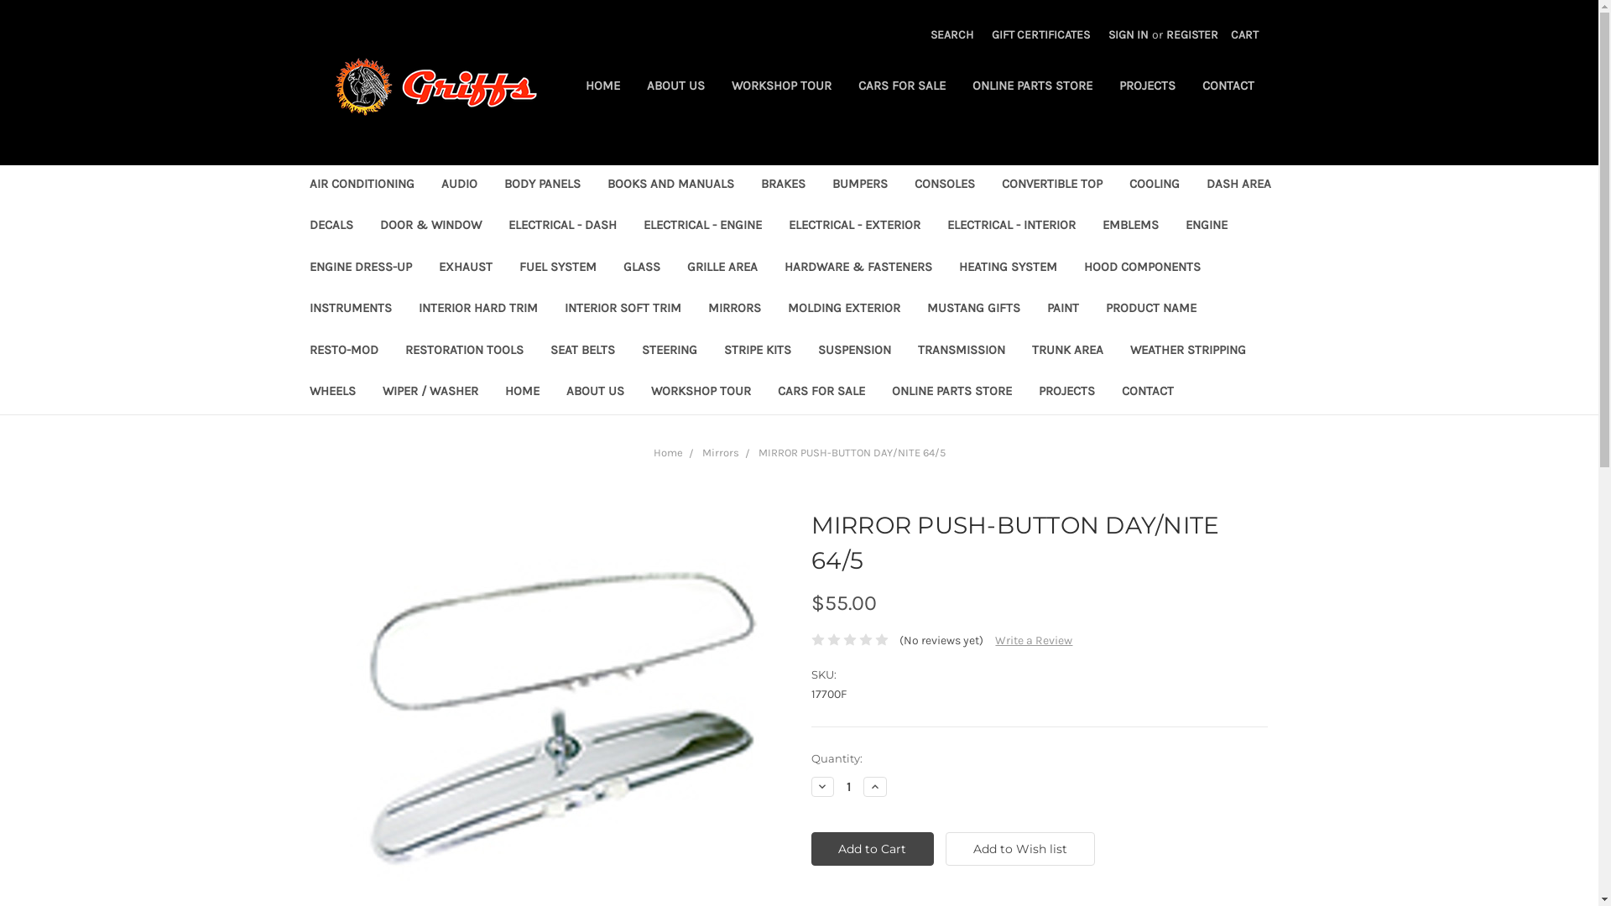  I want to click on 'WHEELS', so click(331, 393).